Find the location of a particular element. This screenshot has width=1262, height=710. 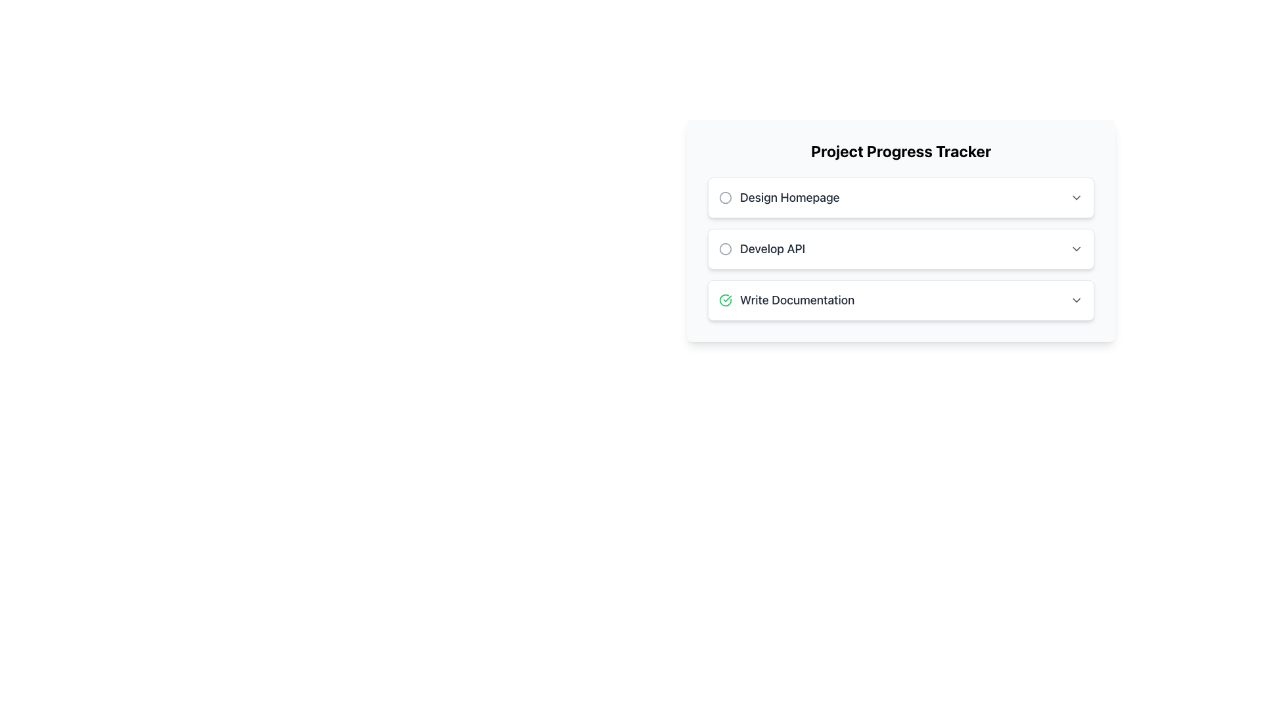

the inactive Circle icon with a gray outline located in the second section of the 'Project Progress Tracker' list, next to the 'Develop API' text is located at coordinates (725, 248).